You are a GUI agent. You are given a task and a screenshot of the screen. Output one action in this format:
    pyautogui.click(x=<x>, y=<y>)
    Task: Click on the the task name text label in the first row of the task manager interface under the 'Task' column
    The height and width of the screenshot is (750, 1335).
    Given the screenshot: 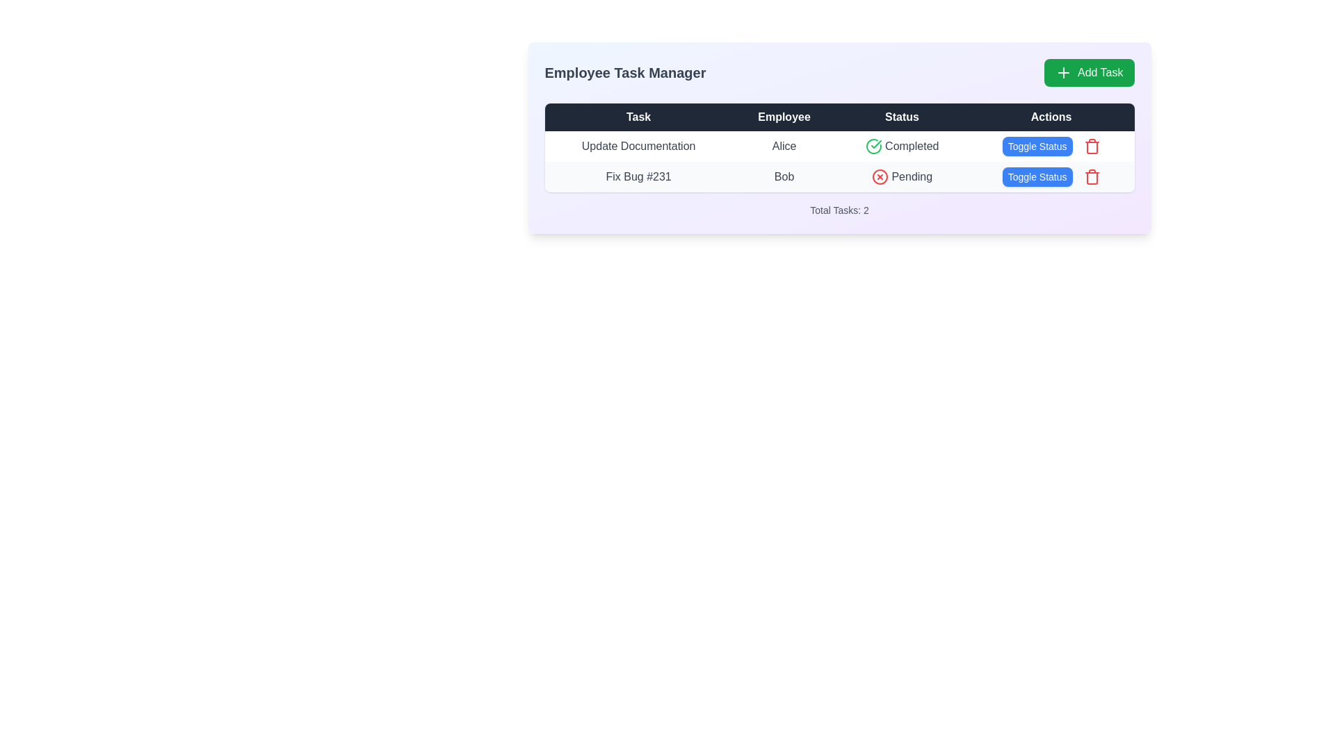 What is the action you would take?
    pyautogui.click(x=638, y=147)
    